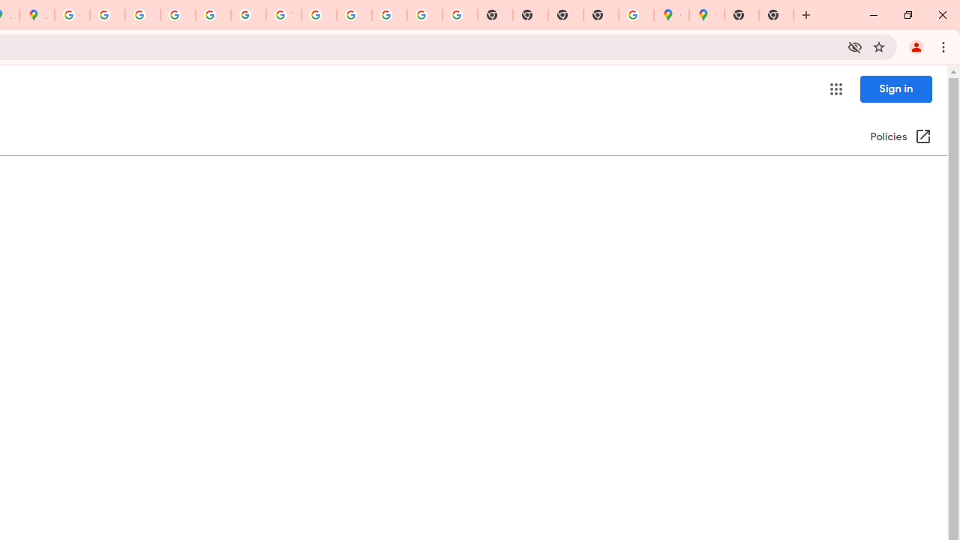 This screenshot has height=540, width=960. Describe the element at coordinates (742, 15) in the screenshot. I see `'New Tab'` at that location.